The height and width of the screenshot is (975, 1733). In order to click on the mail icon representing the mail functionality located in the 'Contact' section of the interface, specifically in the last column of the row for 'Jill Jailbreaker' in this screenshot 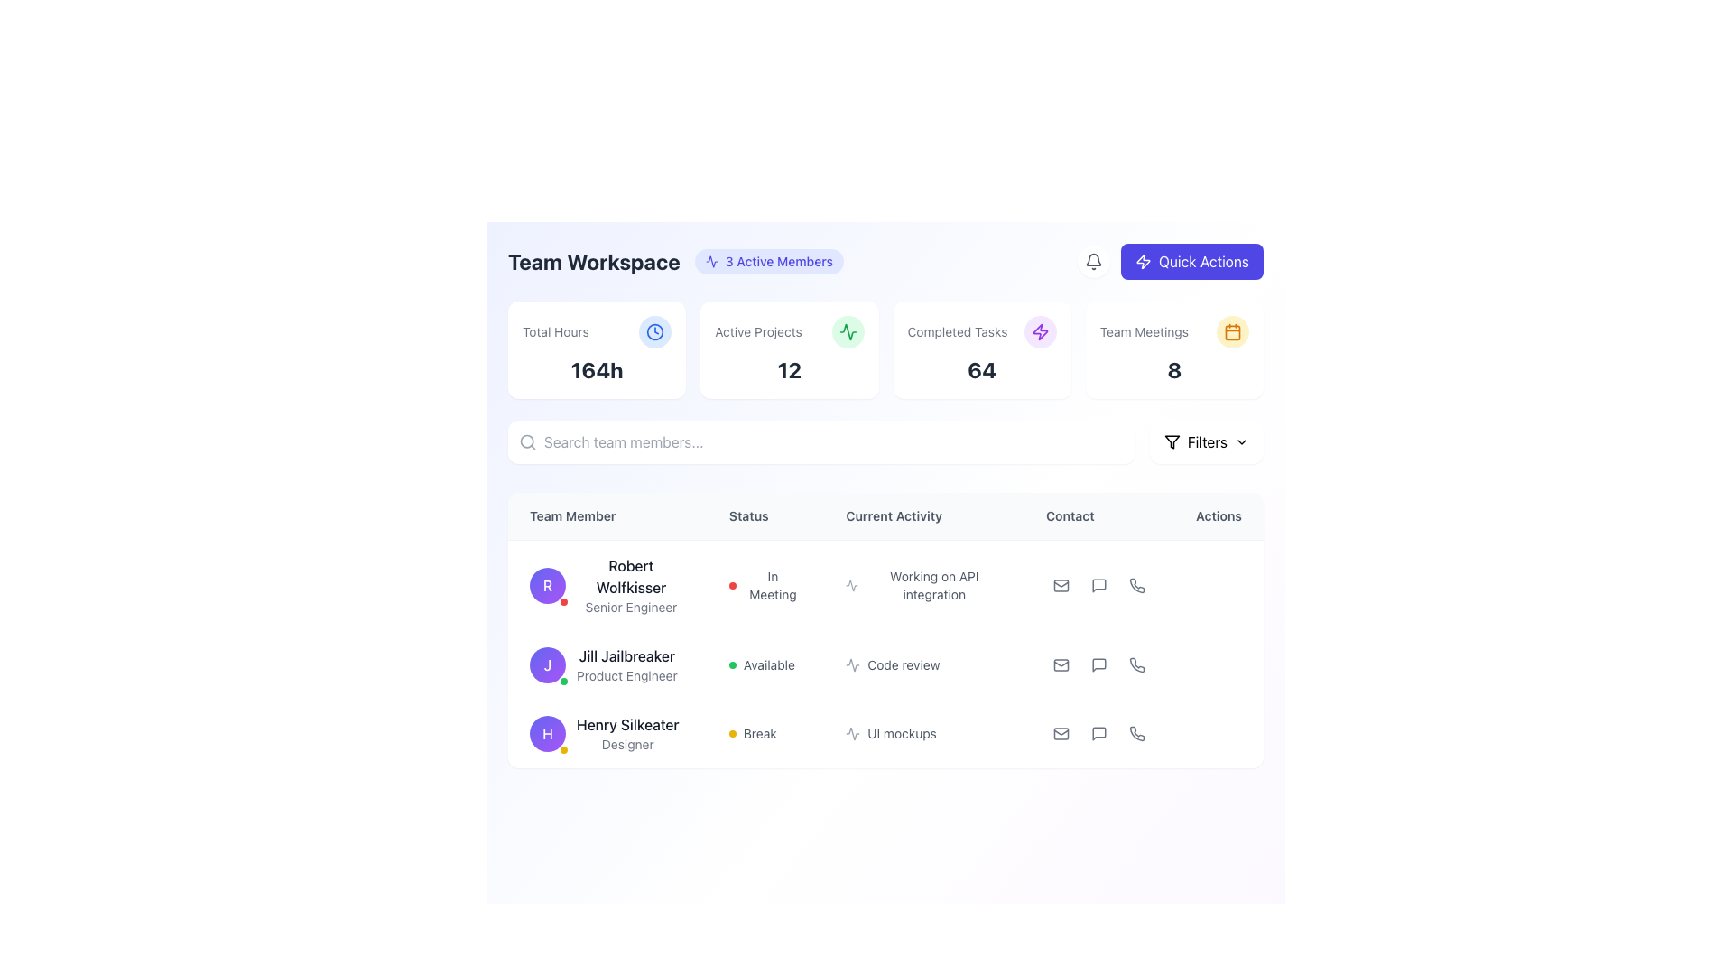, I will do `click(1061, 664)`.